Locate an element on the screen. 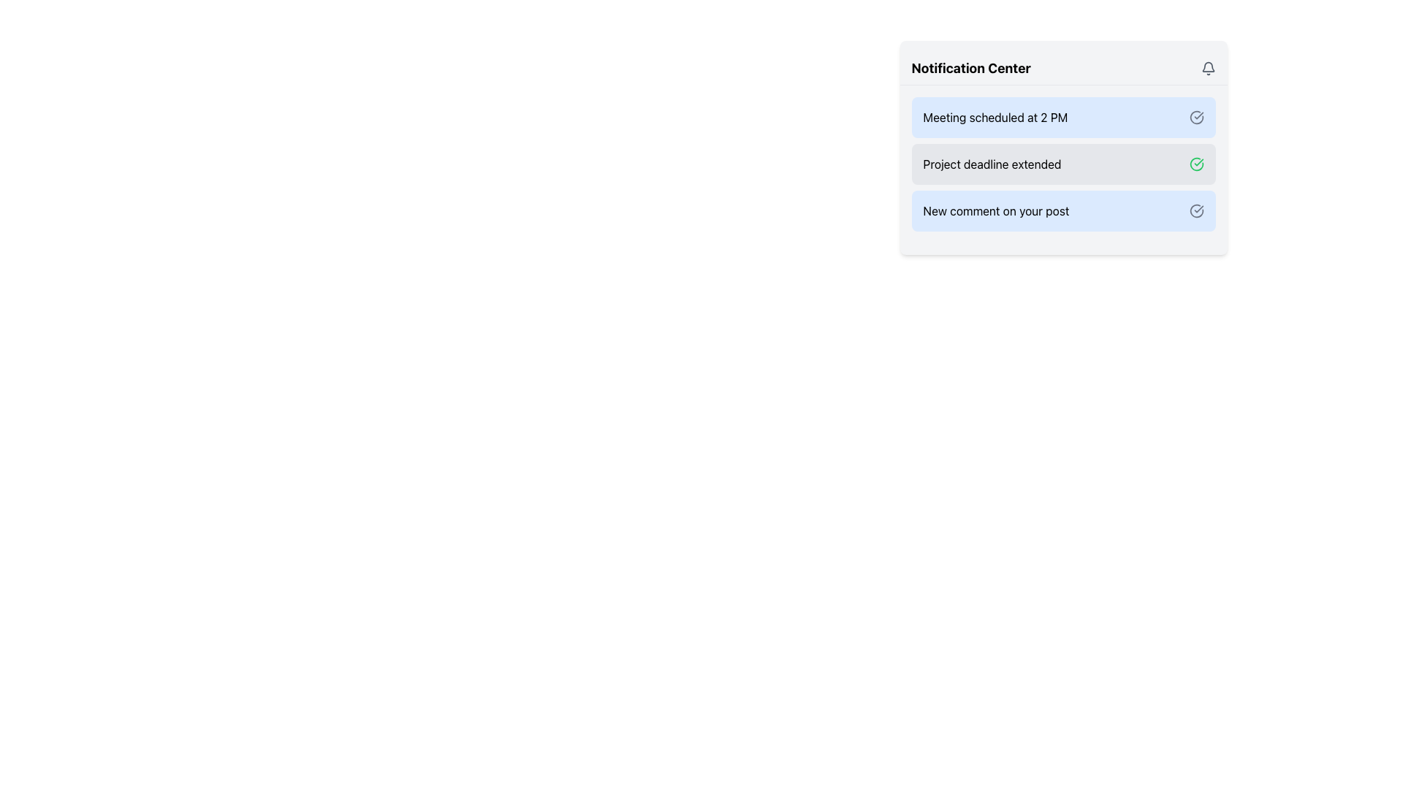 The image size is (1403, 789). the notification icon located at the top-right corner of the 'Notification Center' bar is located at coordinates (1208, 68).